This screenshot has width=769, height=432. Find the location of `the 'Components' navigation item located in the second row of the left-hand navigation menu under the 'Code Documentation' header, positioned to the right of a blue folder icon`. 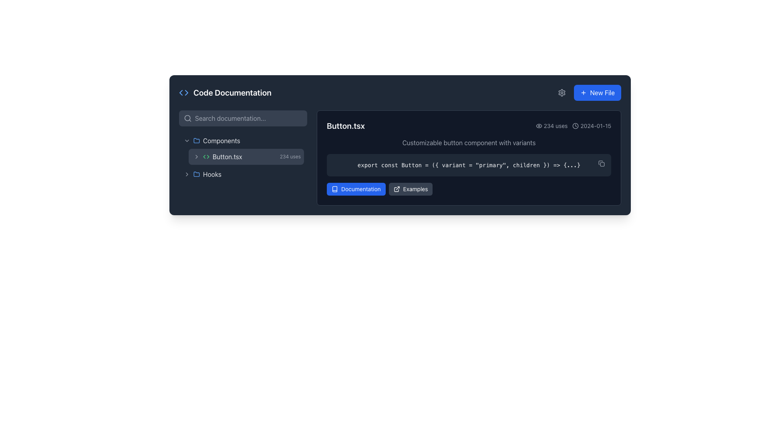

the 'Components' navigation item located in the second row of the left-hand navigation menu under the 'Code Documentation' header, positioned to the right of a blue folder icon is located at coordinates (221, 140).